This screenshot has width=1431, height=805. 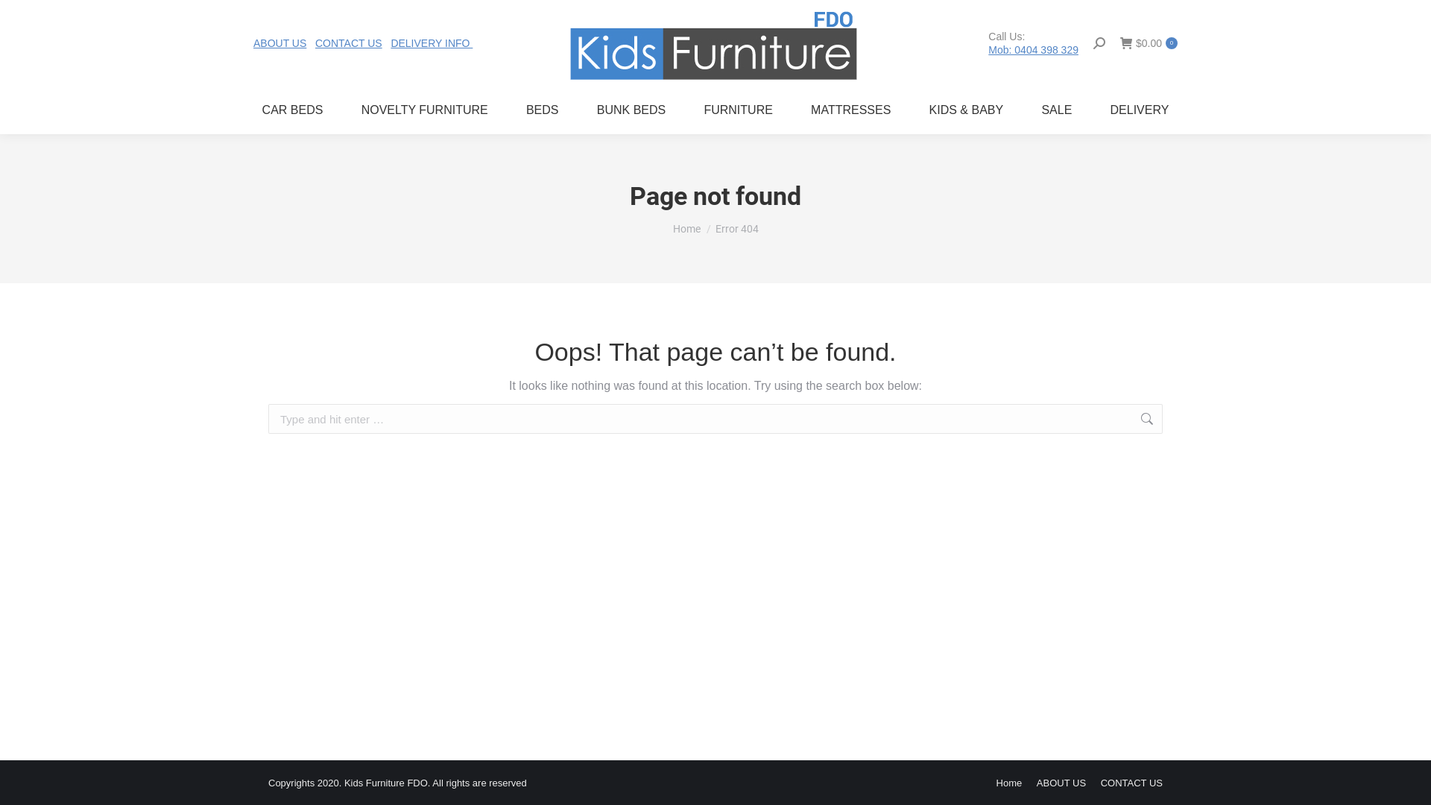 I want to click on 'Go!', so click(x=23, y=16).